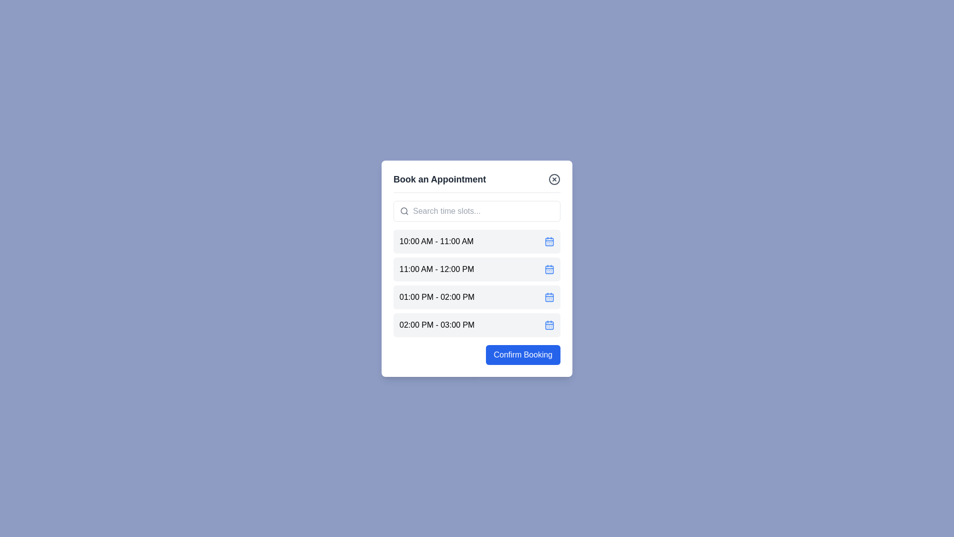 This screenshot has height=537, width=954. What do you see at coordinates (437, 325) in the screenshot?
I see `the text of the time slot 02:00 PM - 03:00 PM to select it` at bounding box center [437, 325].